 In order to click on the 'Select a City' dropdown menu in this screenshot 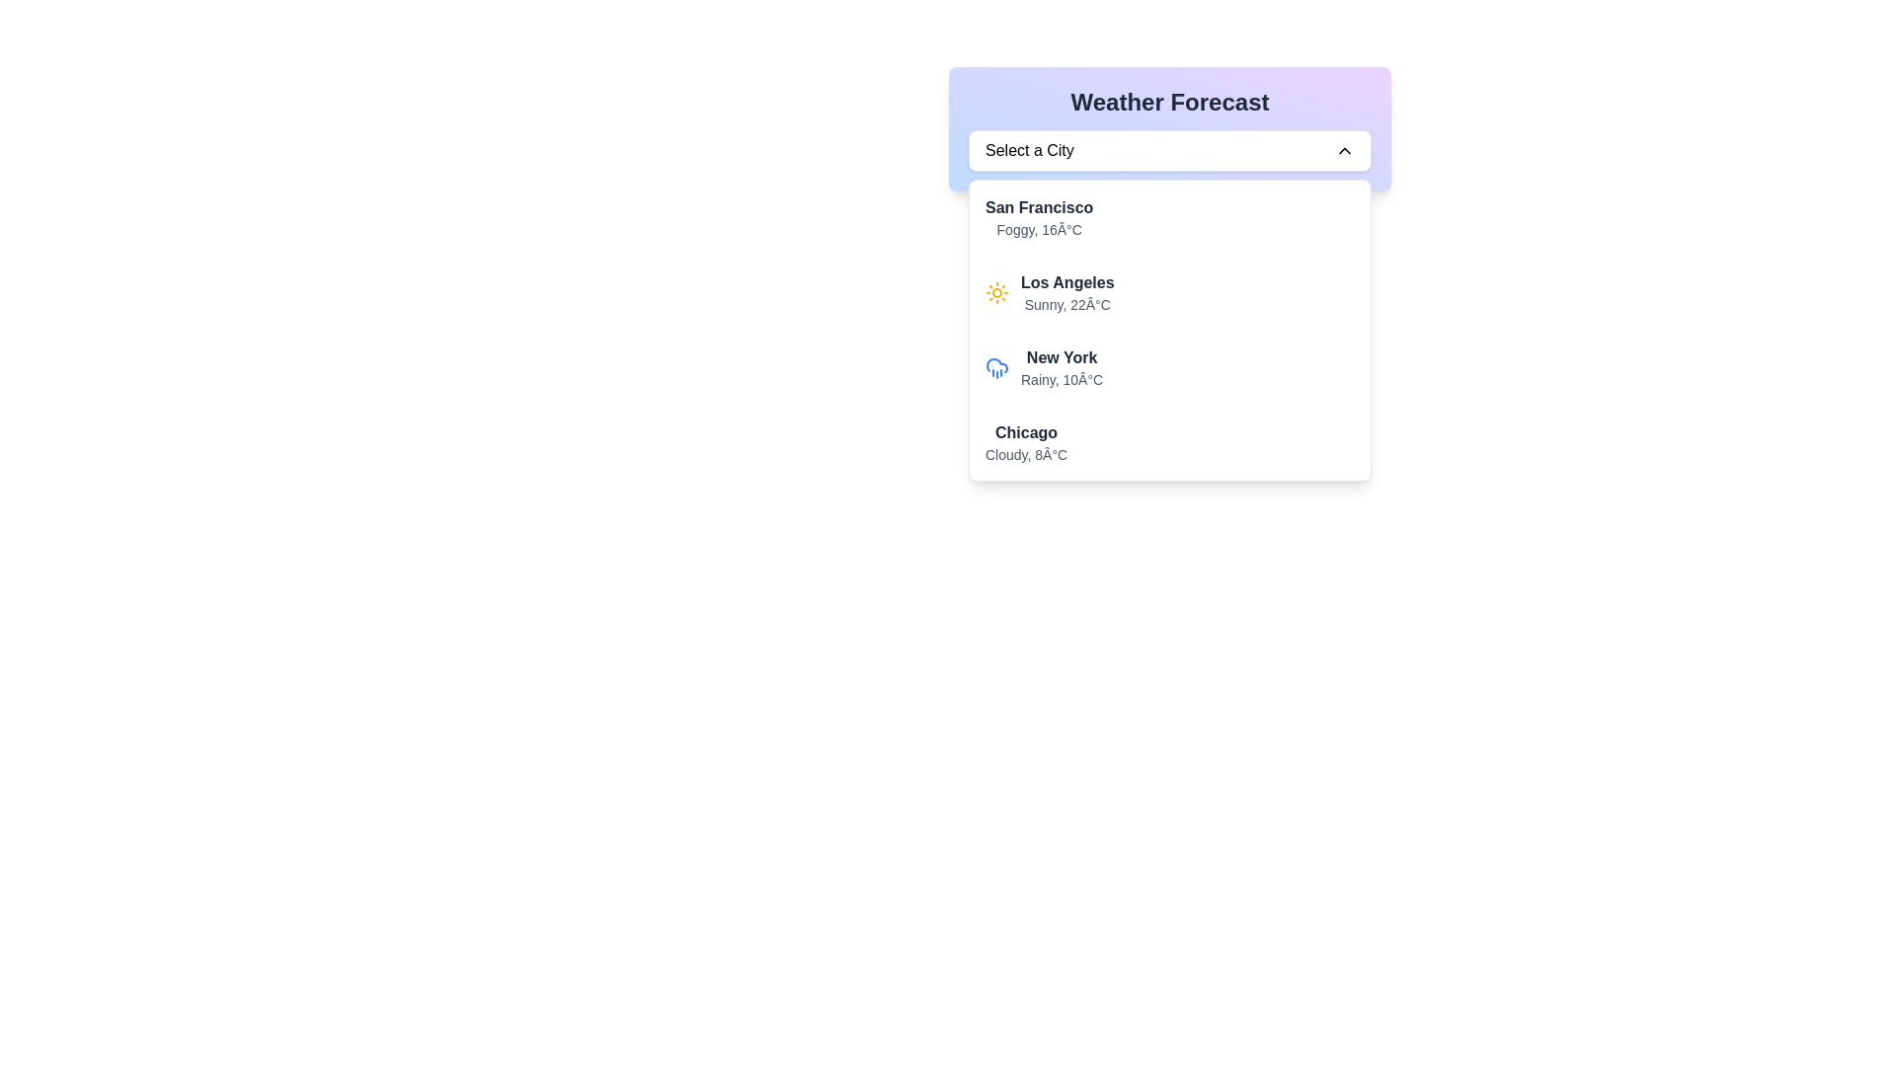, I will do `click(1170, 150)`.